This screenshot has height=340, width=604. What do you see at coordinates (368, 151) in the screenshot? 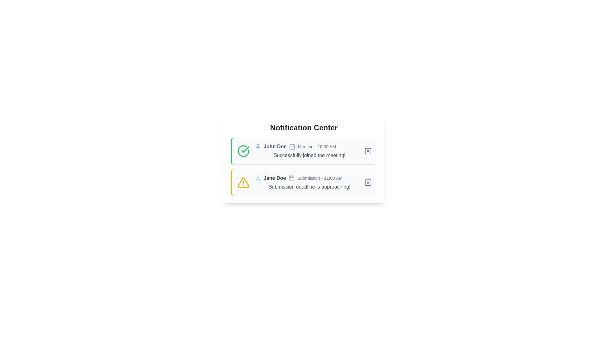
I see `the close button located at the top-right corner of the notification card for 'John Doe Meeting - 10:30 AM'` at bounding box center [368, 151].